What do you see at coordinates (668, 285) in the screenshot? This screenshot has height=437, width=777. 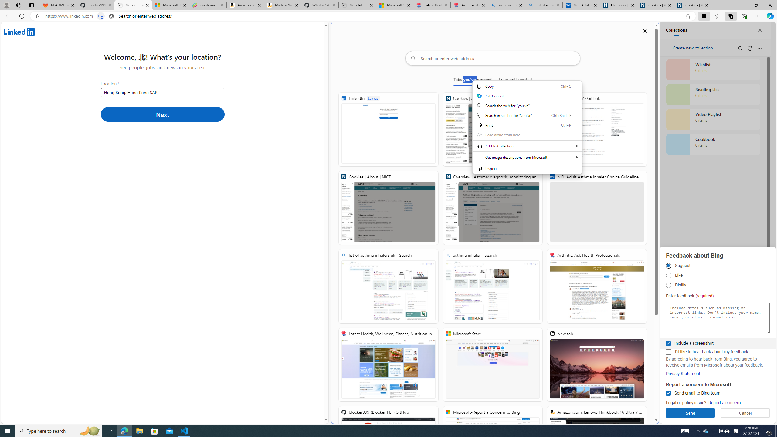 I see `'Dislike'` at bounding box center [668, 285].